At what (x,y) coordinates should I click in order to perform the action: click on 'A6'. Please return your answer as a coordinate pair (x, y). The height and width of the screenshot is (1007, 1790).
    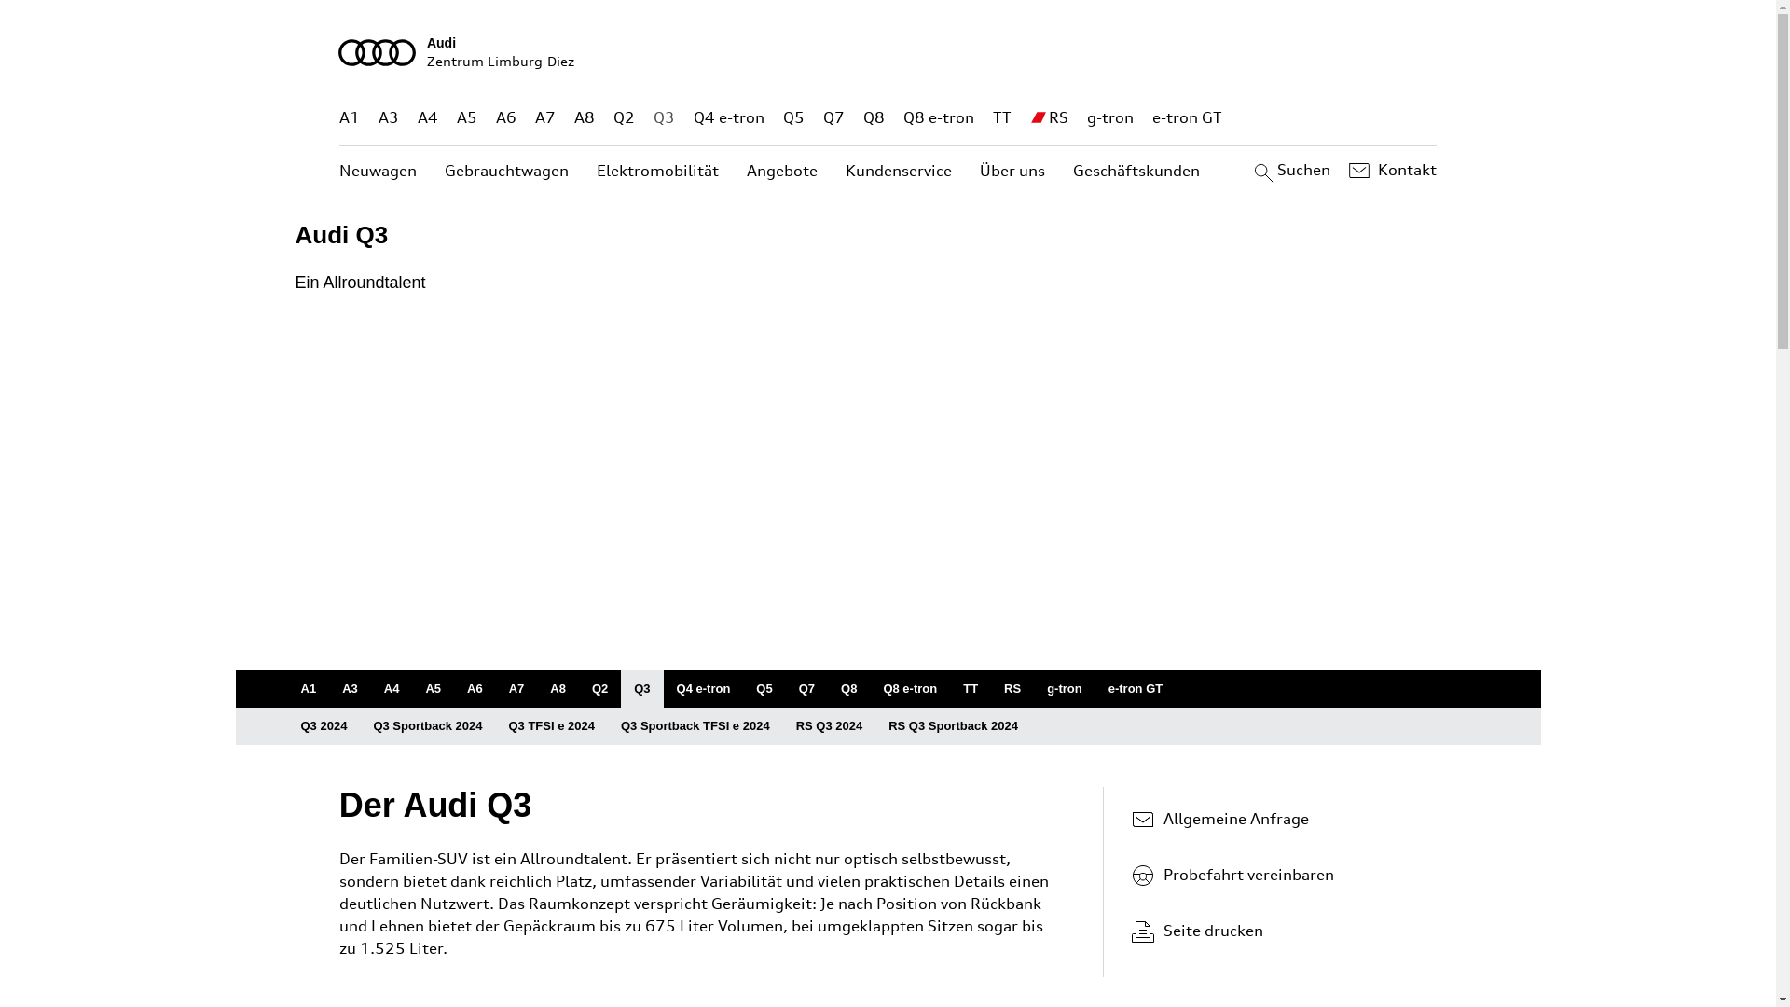
    Looking at the image, I should click on (475, 689).